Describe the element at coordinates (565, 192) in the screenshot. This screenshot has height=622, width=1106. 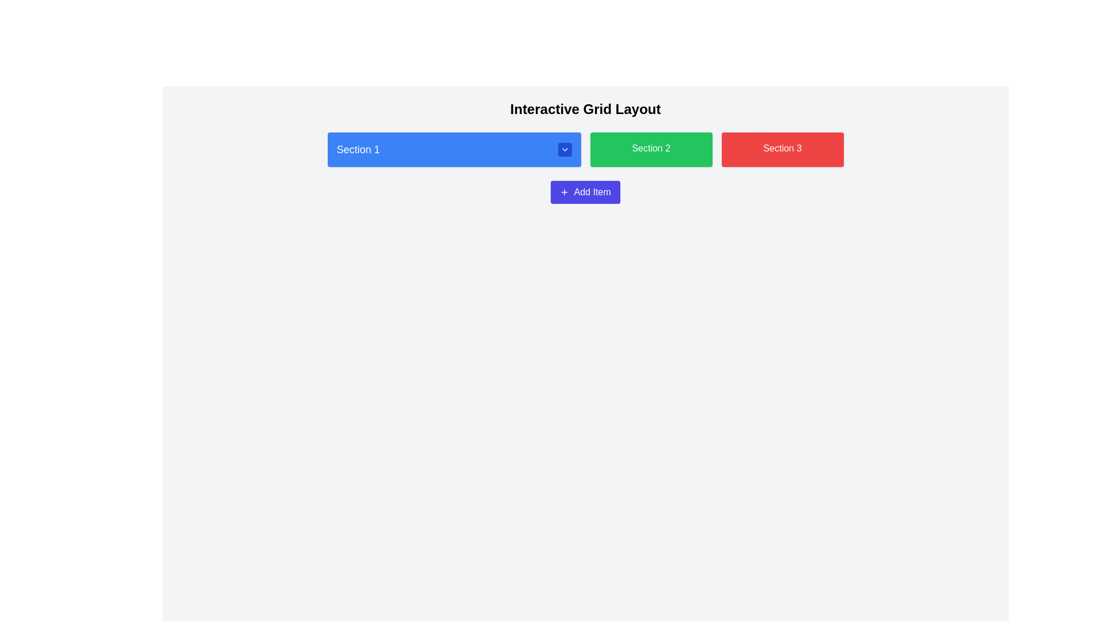
I see `the centered '+' icon within the 'Add Item' button that has a purple background and white text` at that location.